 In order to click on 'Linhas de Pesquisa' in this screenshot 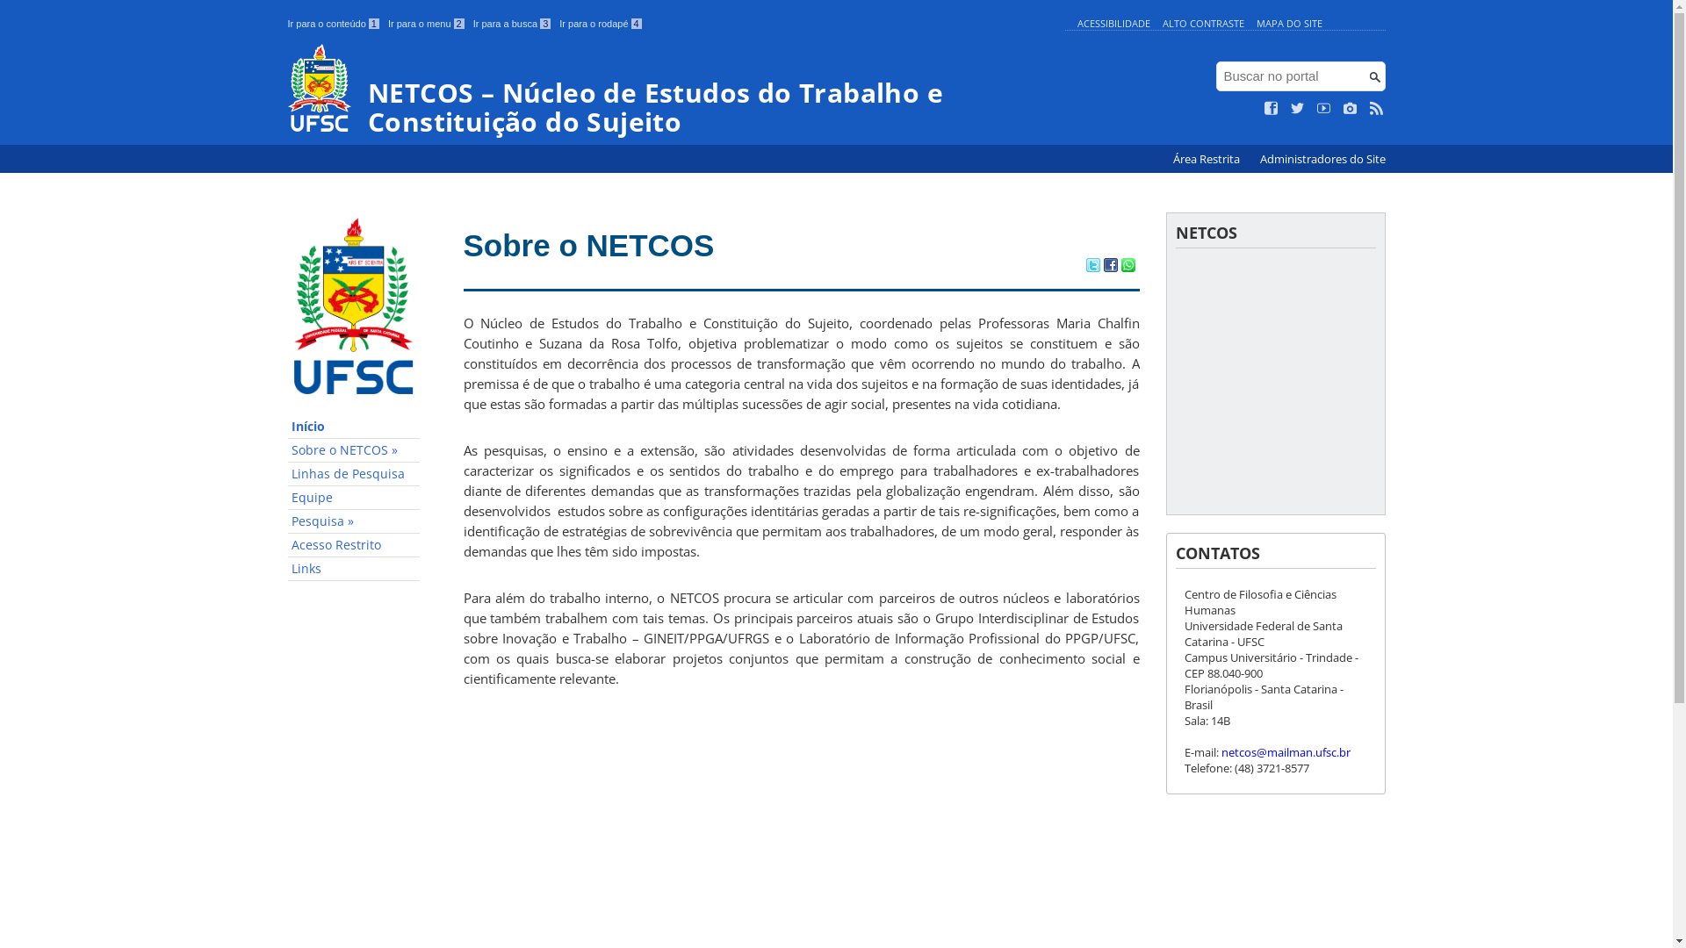, I will do `click(353, 474)`.